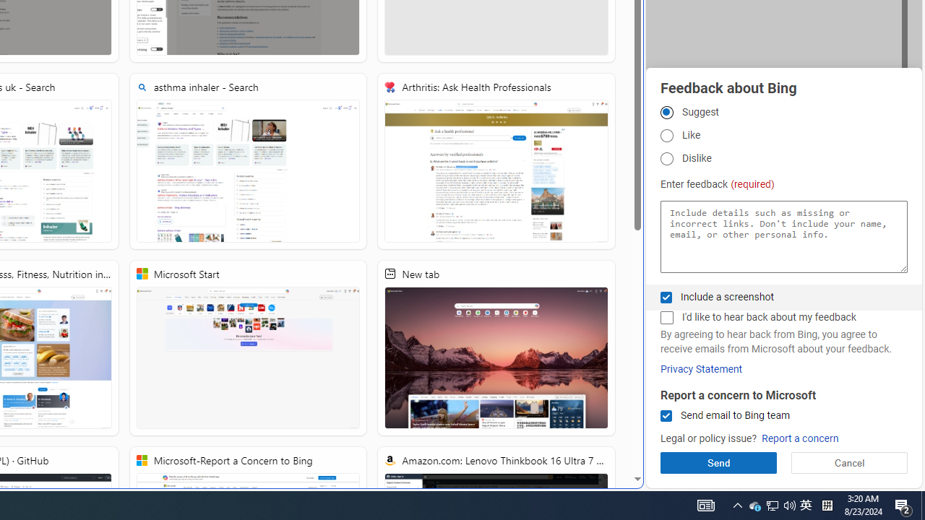 This screenshot has width=925, height=520. Describe the element at coordinates (718, 462) in the screenshot. I see `'Send'` at that location.